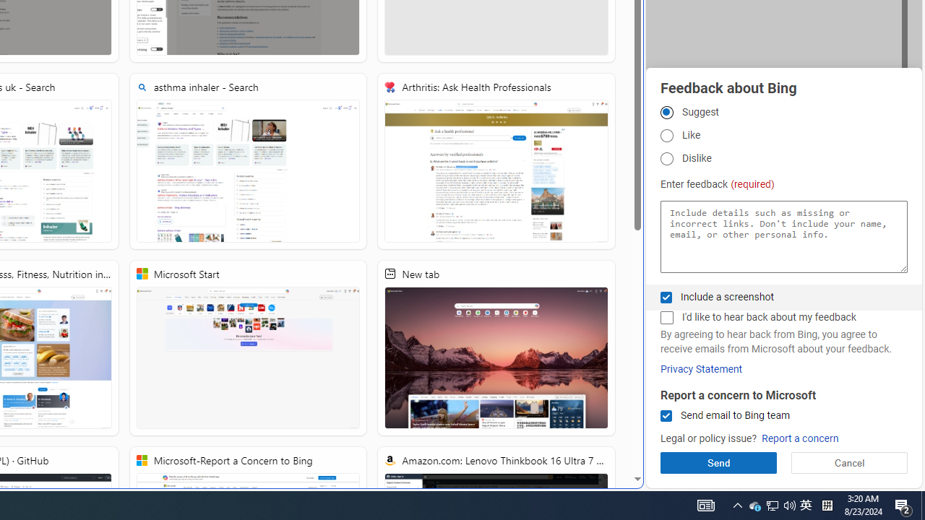 This screenshot has width=925, height=520. Describe the element at coordinates (718, 462) in the screenshot. I see `'Send'` at that location.